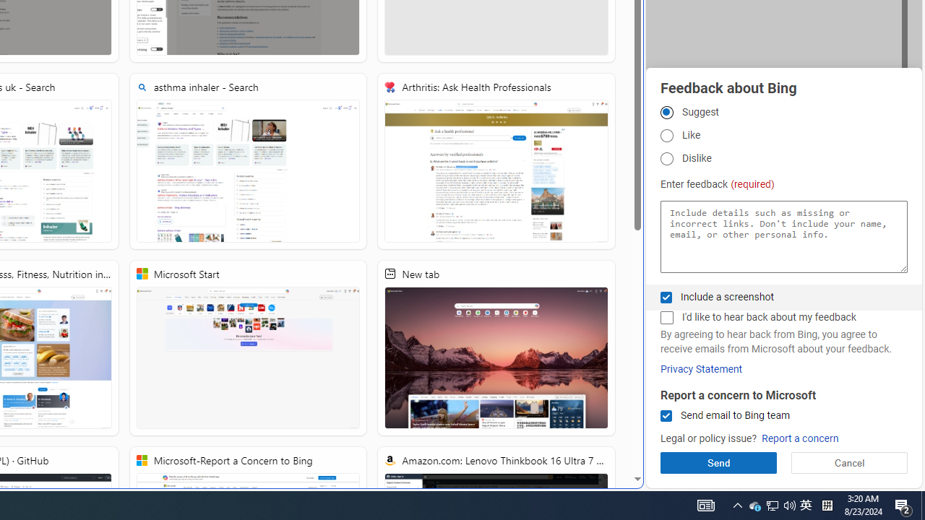 This screenshot has width=925, height=520. Describe the element at coordinates (718, 462) in the screenshot. I see `'Send'` at that location.